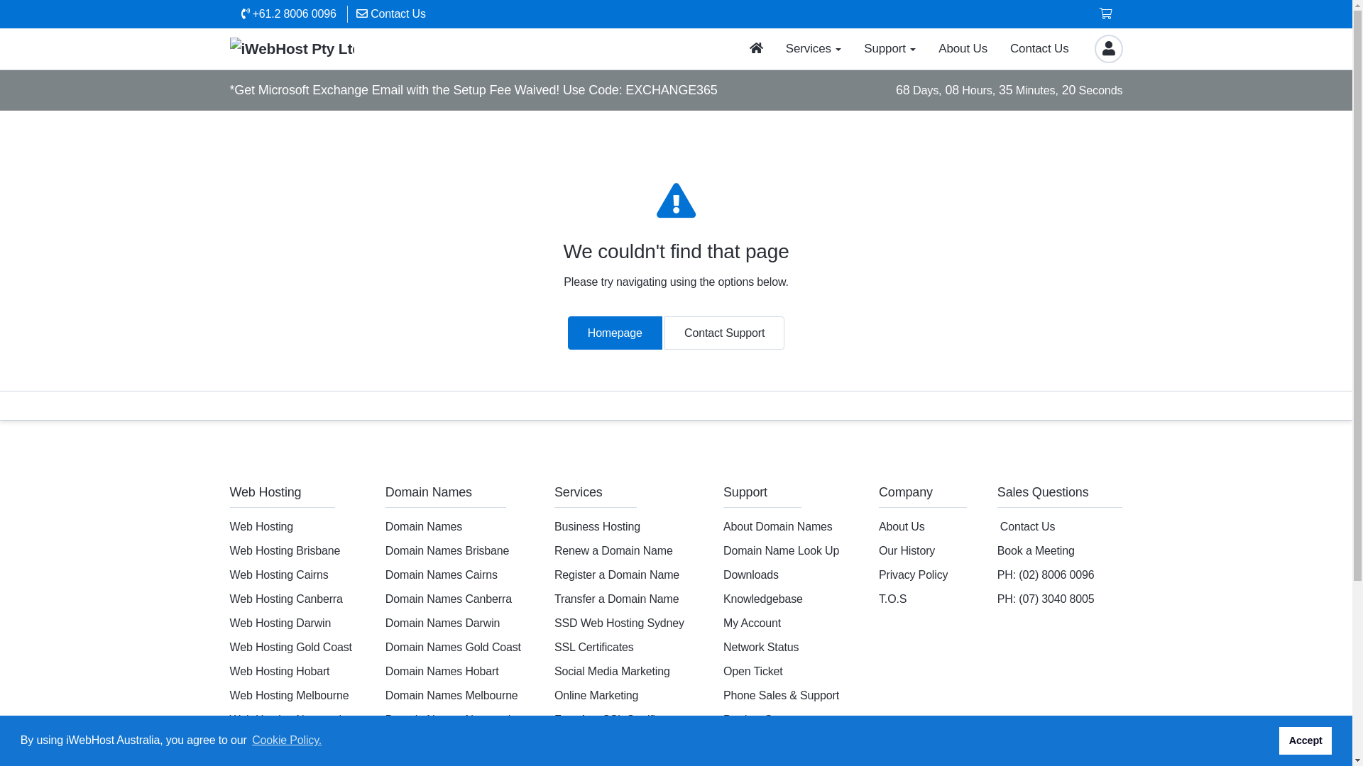  Describe the element at coordinates (613, 550) in the screenshot. I see `'Renew a Domain Name'` at that location.